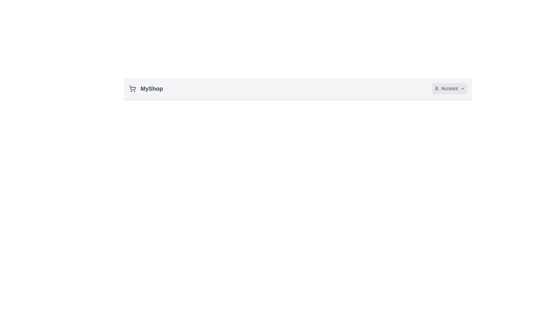  Describe the element at coordinates (146, 89) in the screenshot. I see `brand logo text located to the immediate right of the shopping cart icon in the navigation bar` at that location.